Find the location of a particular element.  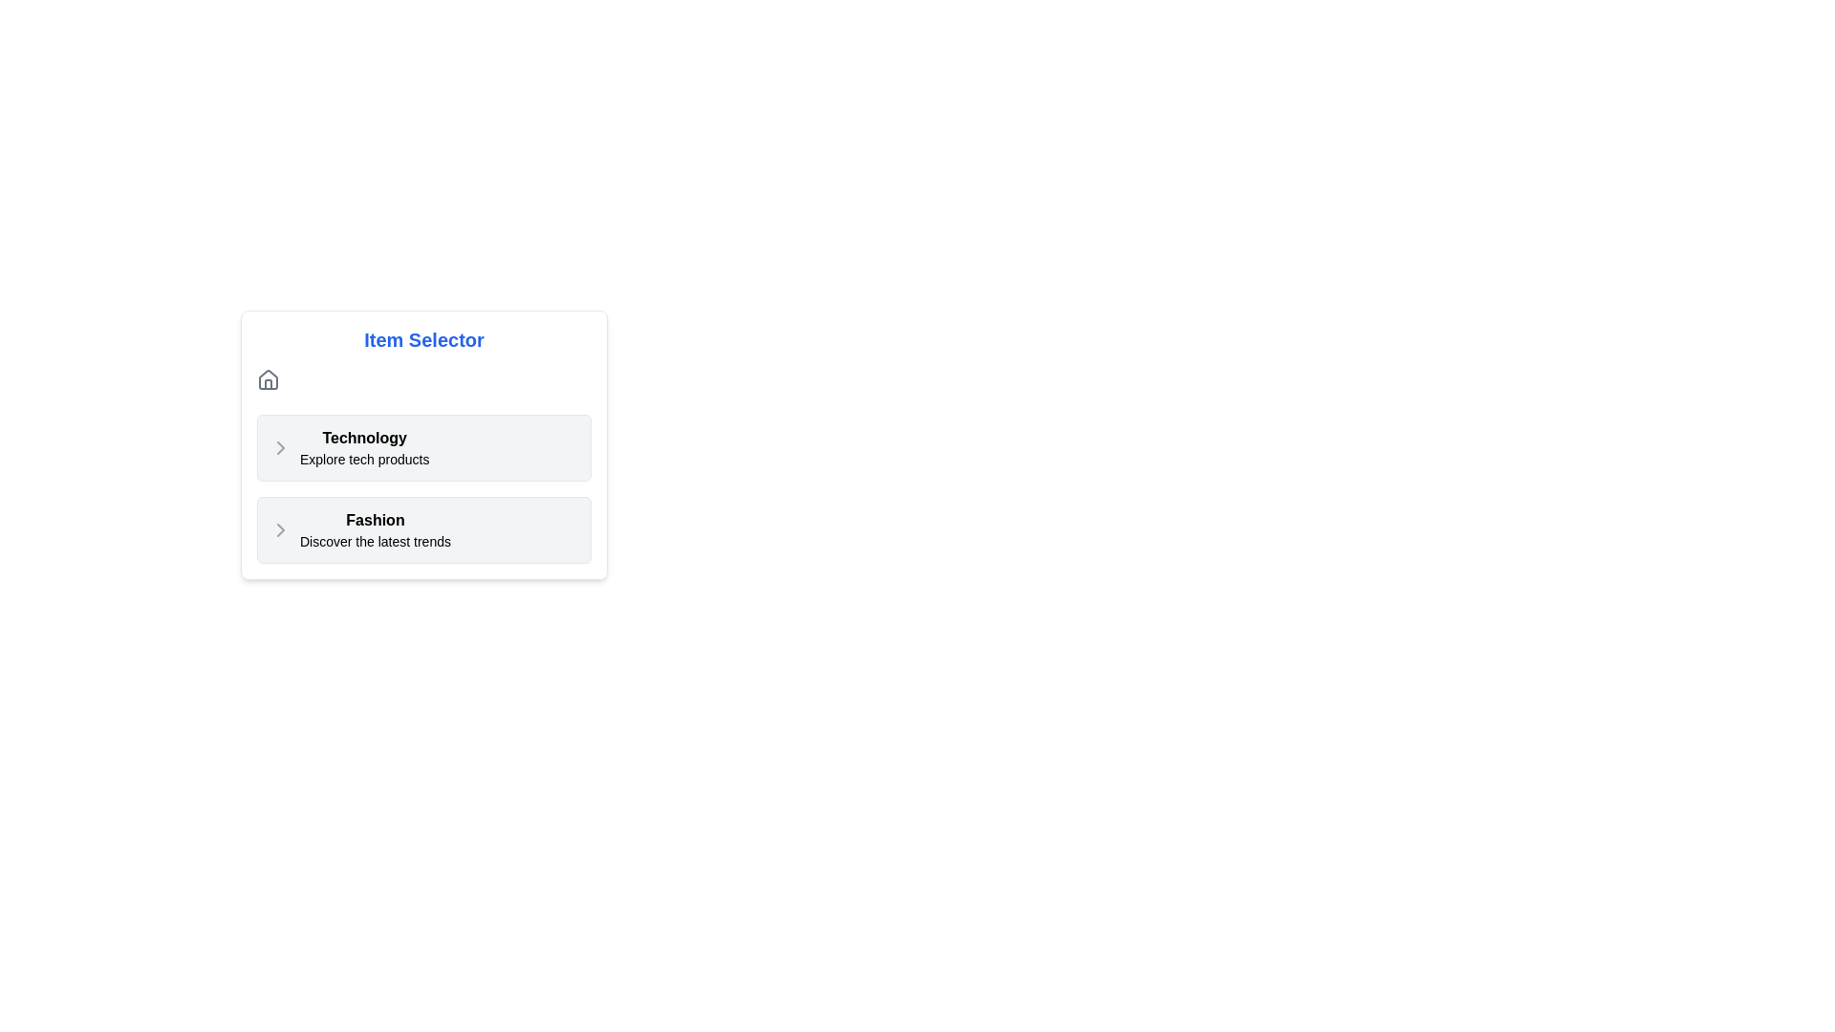

text label displaying 'Discover the latest trends' located beneath the 'Fashion' header in the bottom-right part of the 'Fashion' section is located at coordinates (376, 542).